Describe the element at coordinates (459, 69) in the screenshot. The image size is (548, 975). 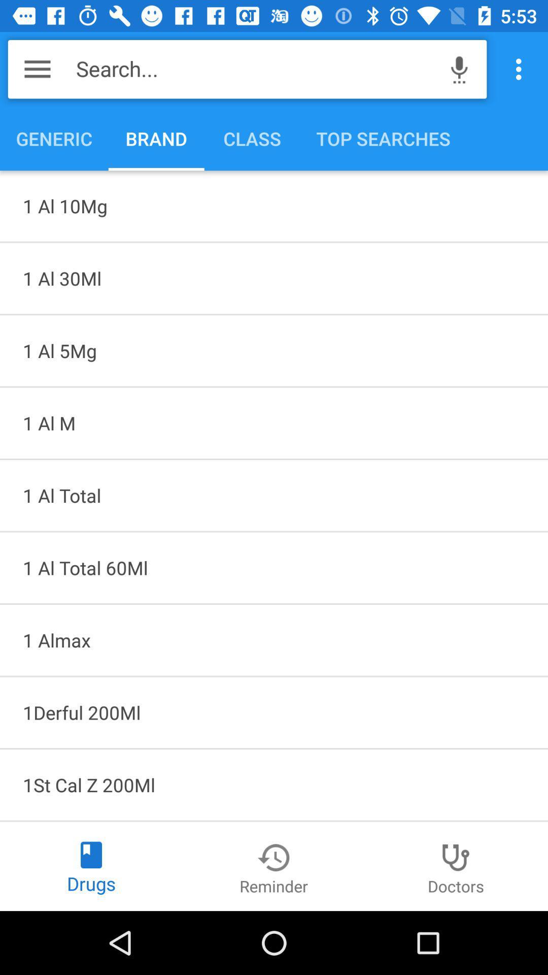
I see `the icon above the top searches icon` at that location.